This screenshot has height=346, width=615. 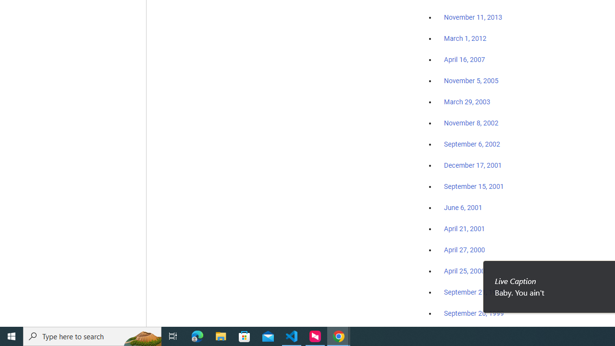 What do you see at coordinates (465, 229) in the screenshot?
I see `'April 21, 2001'` at bounding box center [465, 229].